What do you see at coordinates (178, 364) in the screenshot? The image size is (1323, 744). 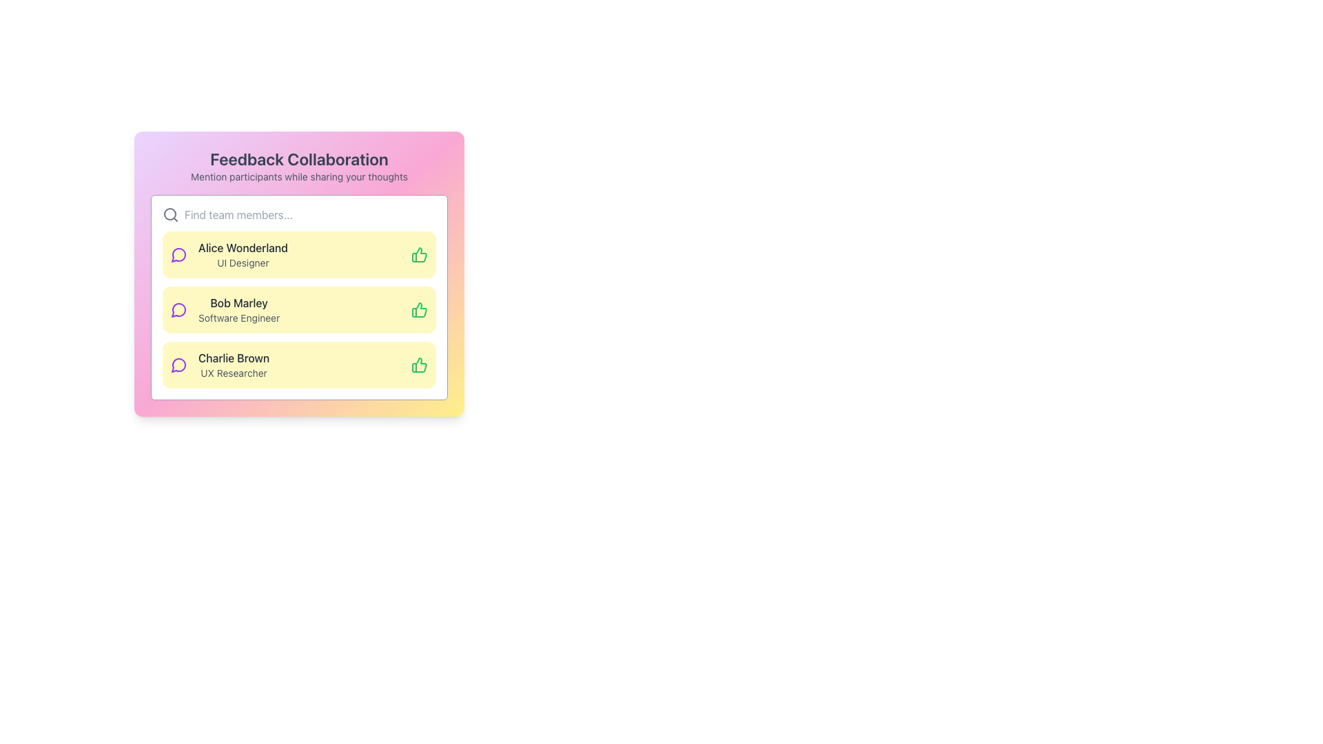 I see `the third speech bubble icon located next to the user 'Charlie Brown' entry at the bottom of the list` at bounding box center [178, 364].